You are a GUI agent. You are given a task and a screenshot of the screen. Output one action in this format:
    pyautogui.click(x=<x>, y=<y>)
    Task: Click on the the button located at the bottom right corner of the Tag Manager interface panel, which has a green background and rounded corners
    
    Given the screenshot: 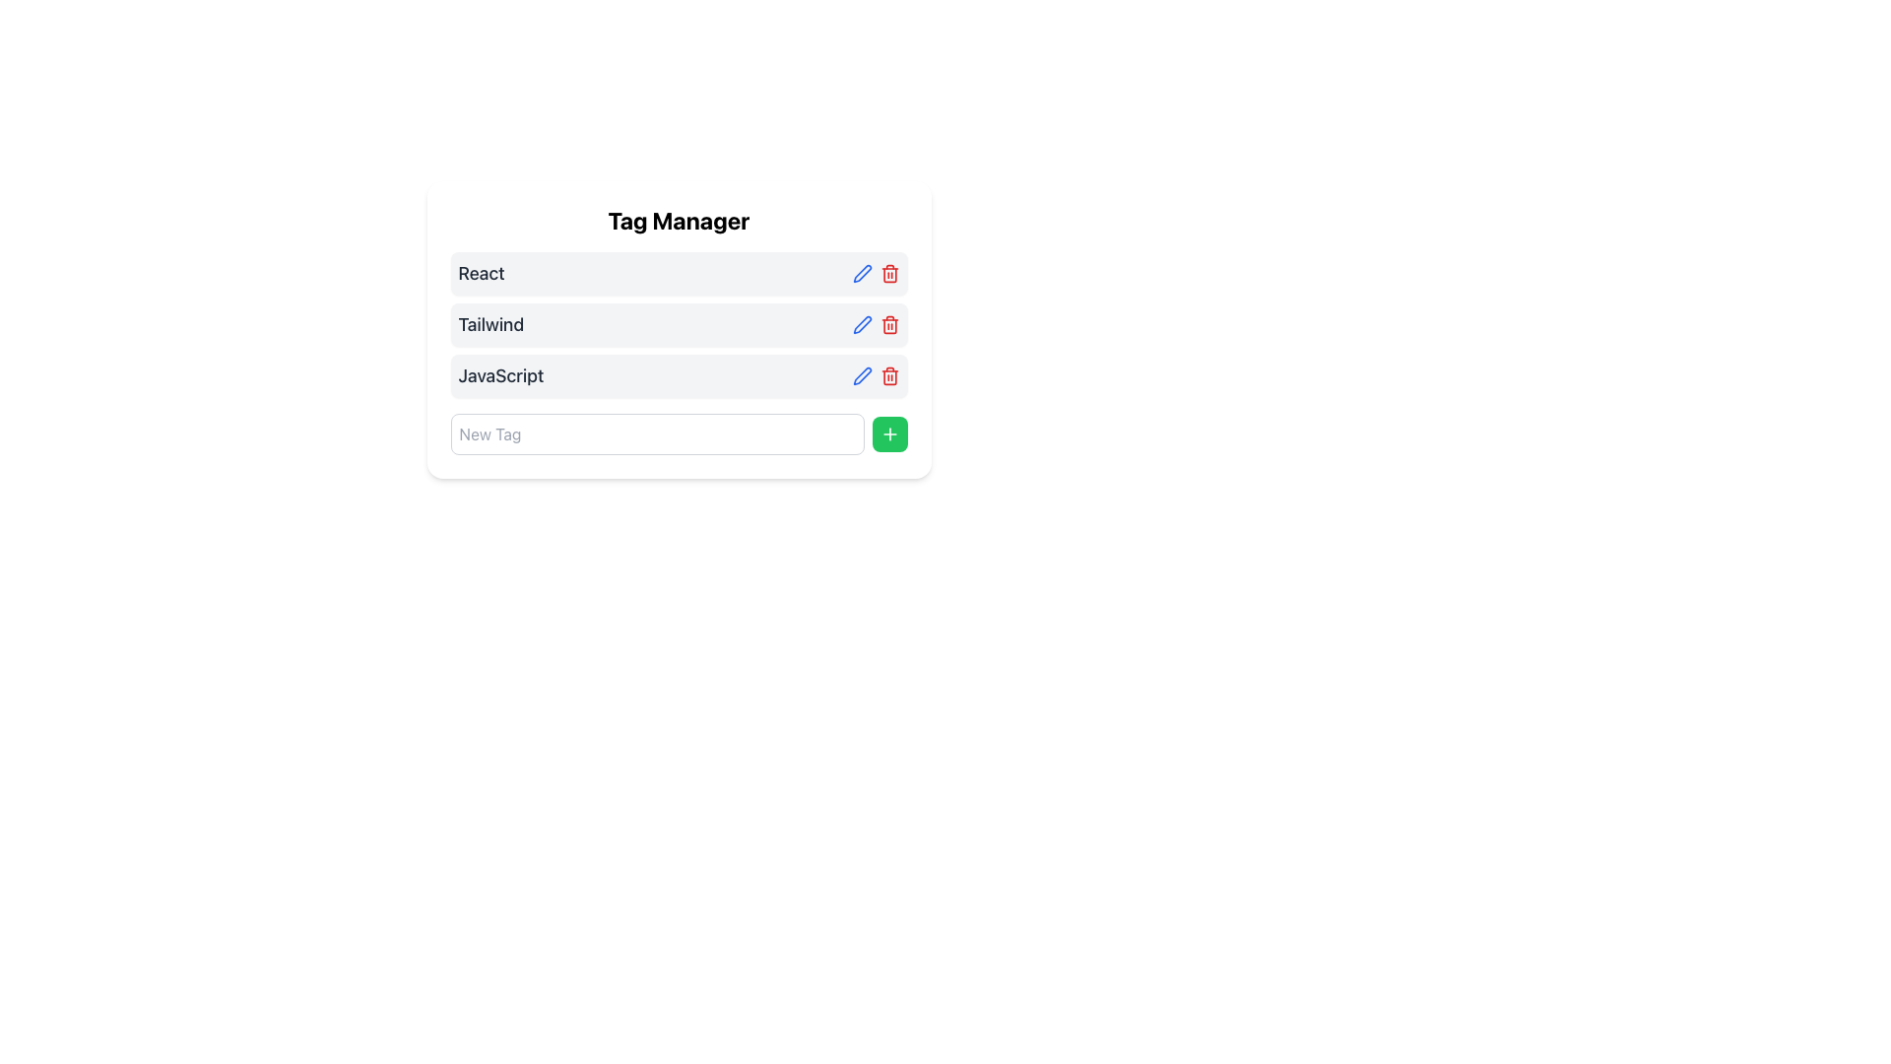 What is the action you would take?
    pyautogui.click(x=888, y=432)
    